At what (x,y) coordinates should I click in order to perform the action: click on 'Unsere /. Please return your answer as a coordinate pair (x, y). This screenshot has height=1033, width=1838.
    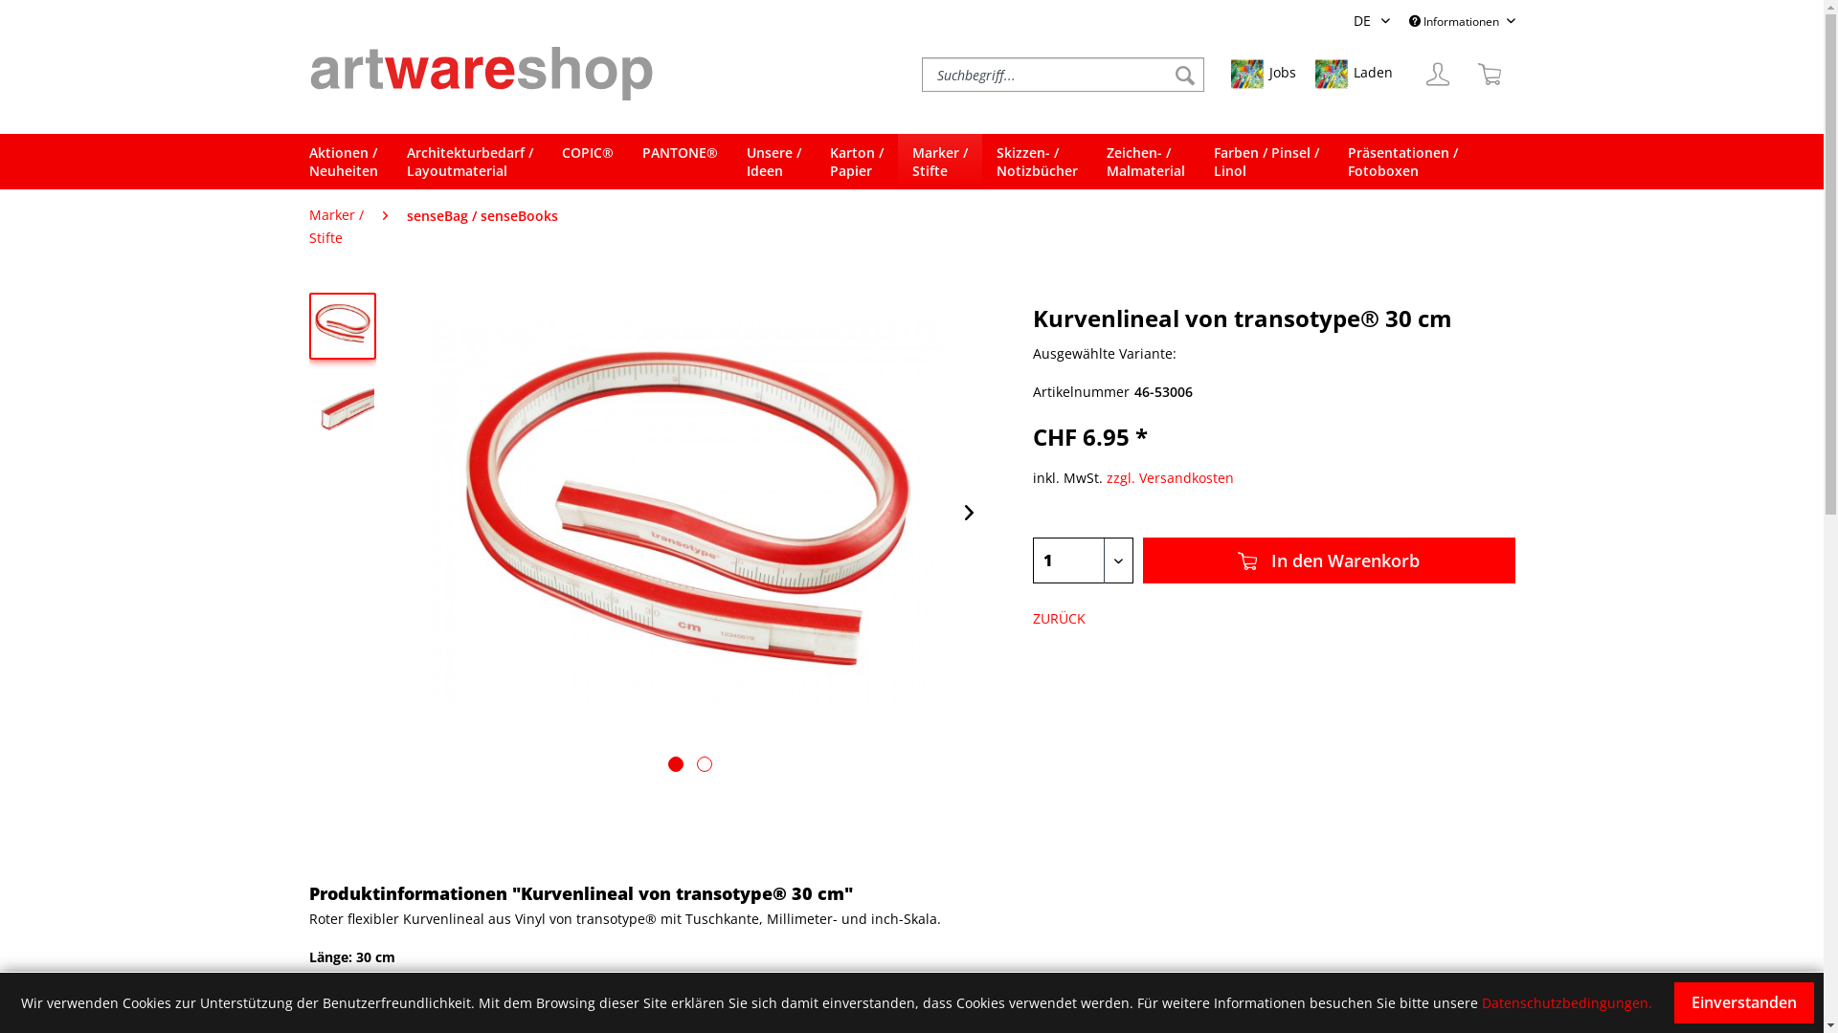
    Looking at the image, I should click on (773, 161).